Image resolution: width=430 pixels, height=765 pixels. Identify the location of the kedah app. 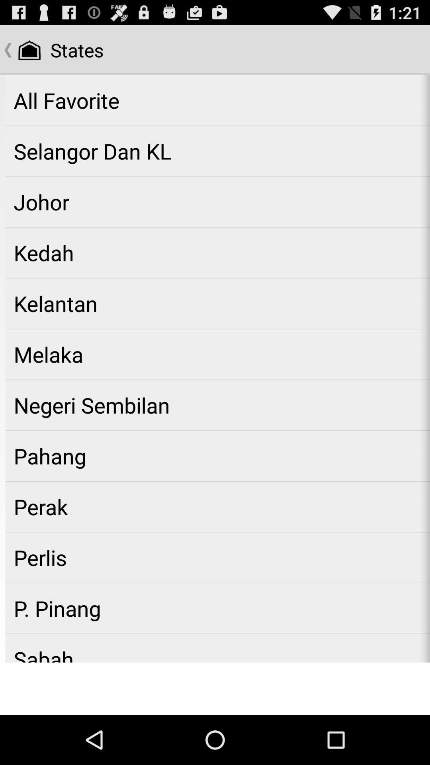
(217, 252).